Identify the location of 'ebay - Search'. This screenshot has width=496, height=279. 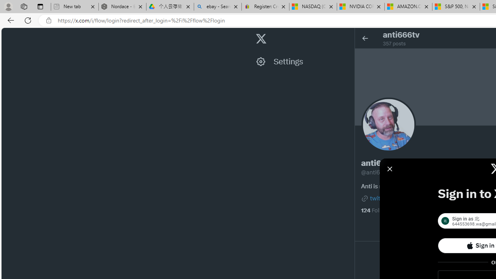
(217, 7).